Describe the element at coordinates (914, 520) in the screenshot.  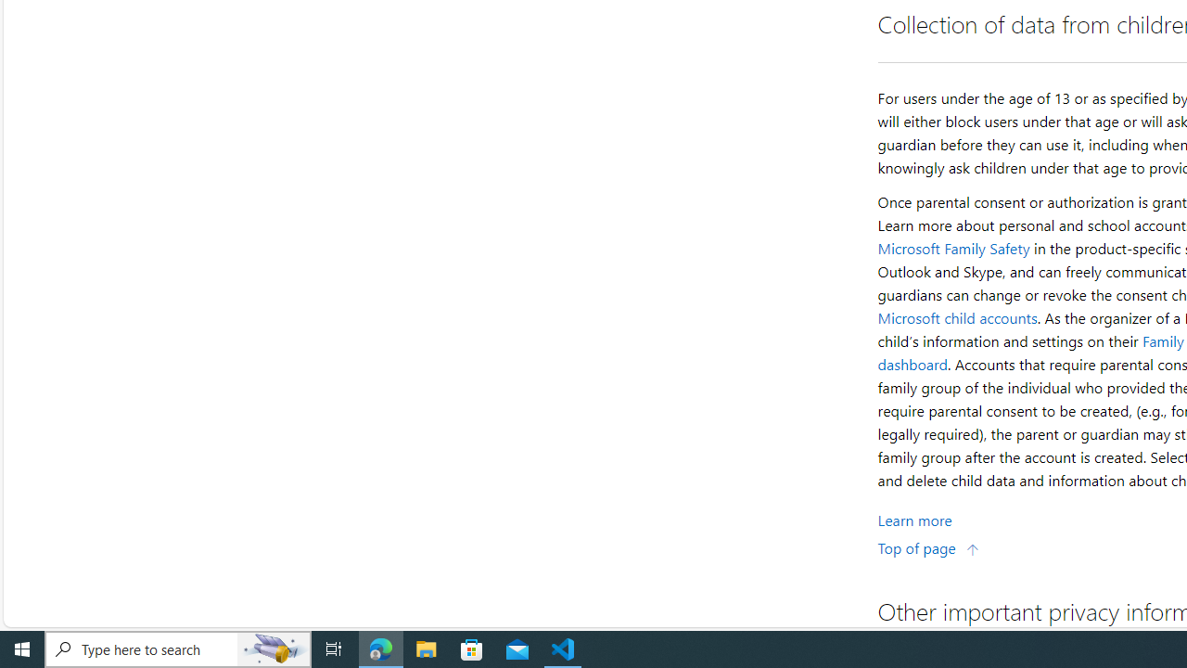
I see `'Learn More about Collection of data from children'` at that location.